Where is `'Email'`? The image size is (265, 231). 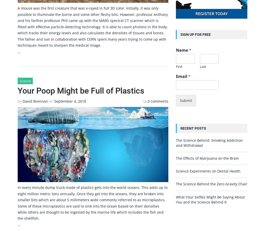
'Email' is located at coordinates (181, 76).